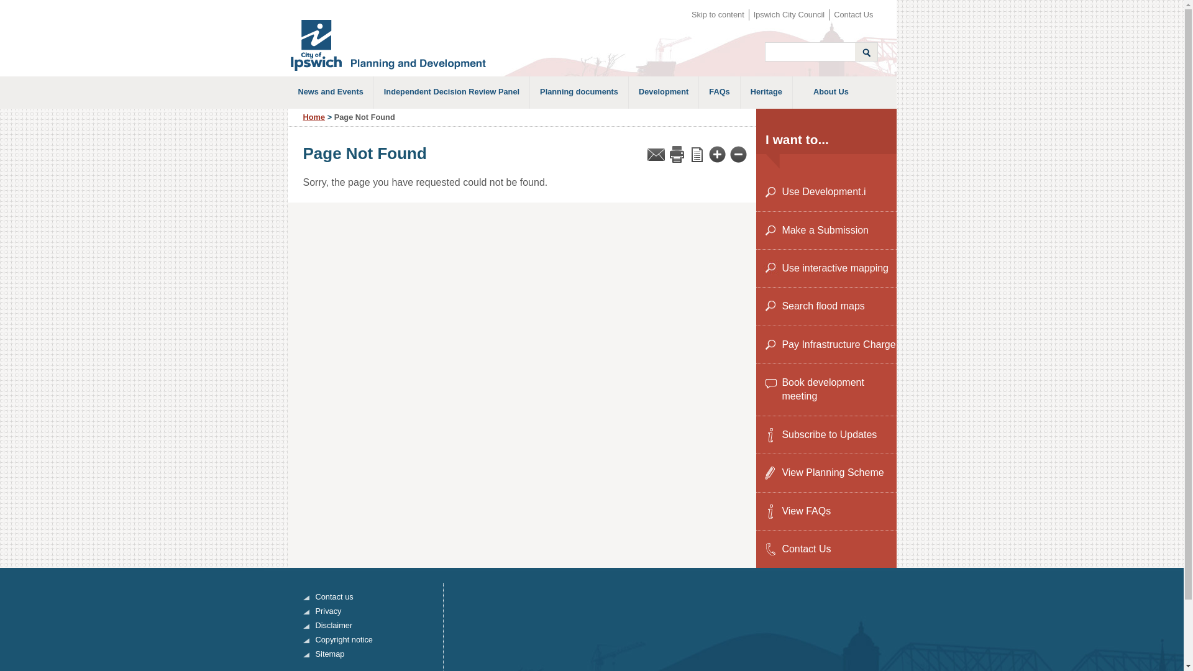  Describe the element at coordinates (762, 230) in the screenshot. I see `'Make a Submission'` at that location.